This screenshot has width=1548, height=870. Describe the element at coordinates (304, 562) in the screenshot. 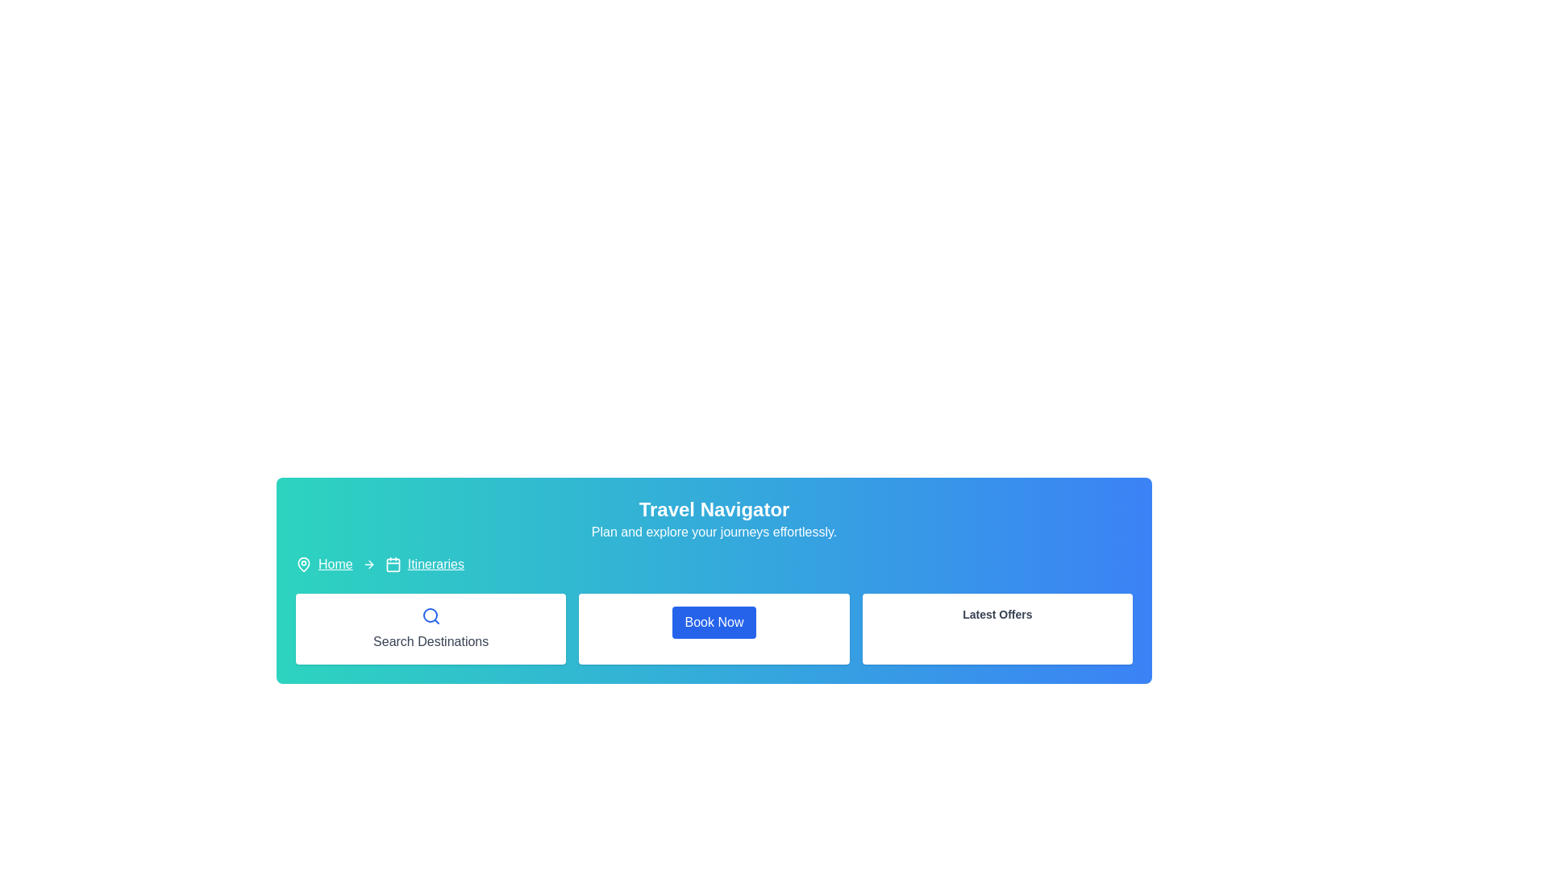

I see `the location marker icon in the breadcrumb navigation bar next to the 'Home' label` at that location.